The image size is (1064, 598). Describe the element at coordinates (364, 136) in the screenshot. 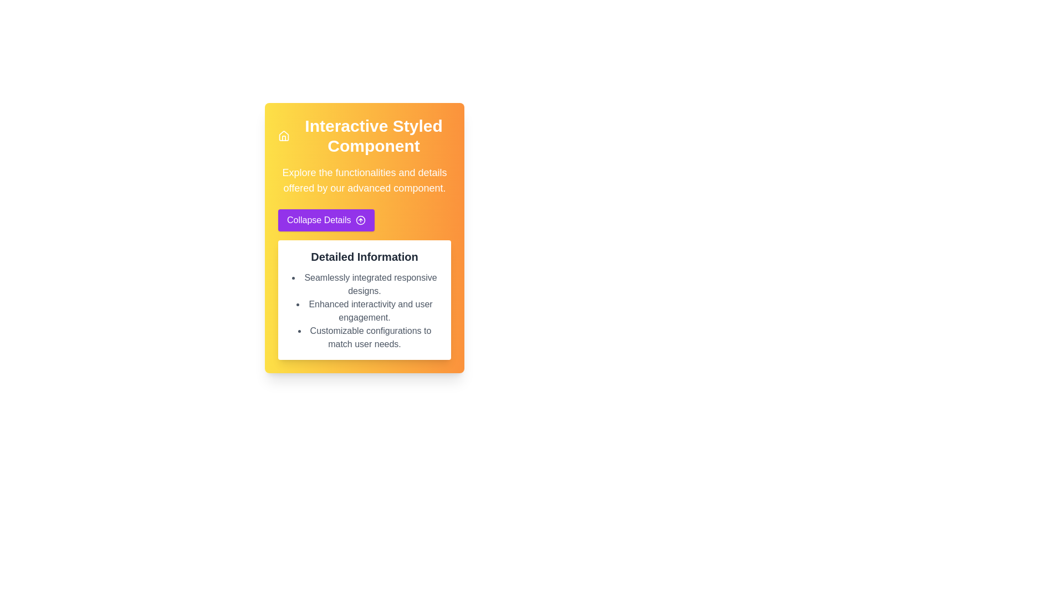

I see `the Title Section located at the top of the highlighted section, which serves as a heading for the component` at that location.